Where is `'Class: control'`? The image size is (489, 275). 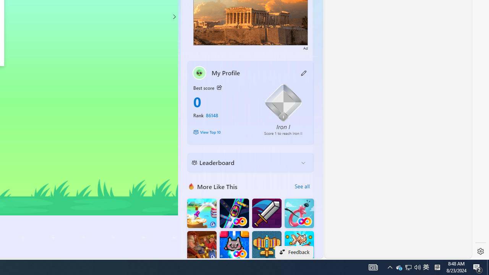 'Class: control' is located at coordinates (173, 16).